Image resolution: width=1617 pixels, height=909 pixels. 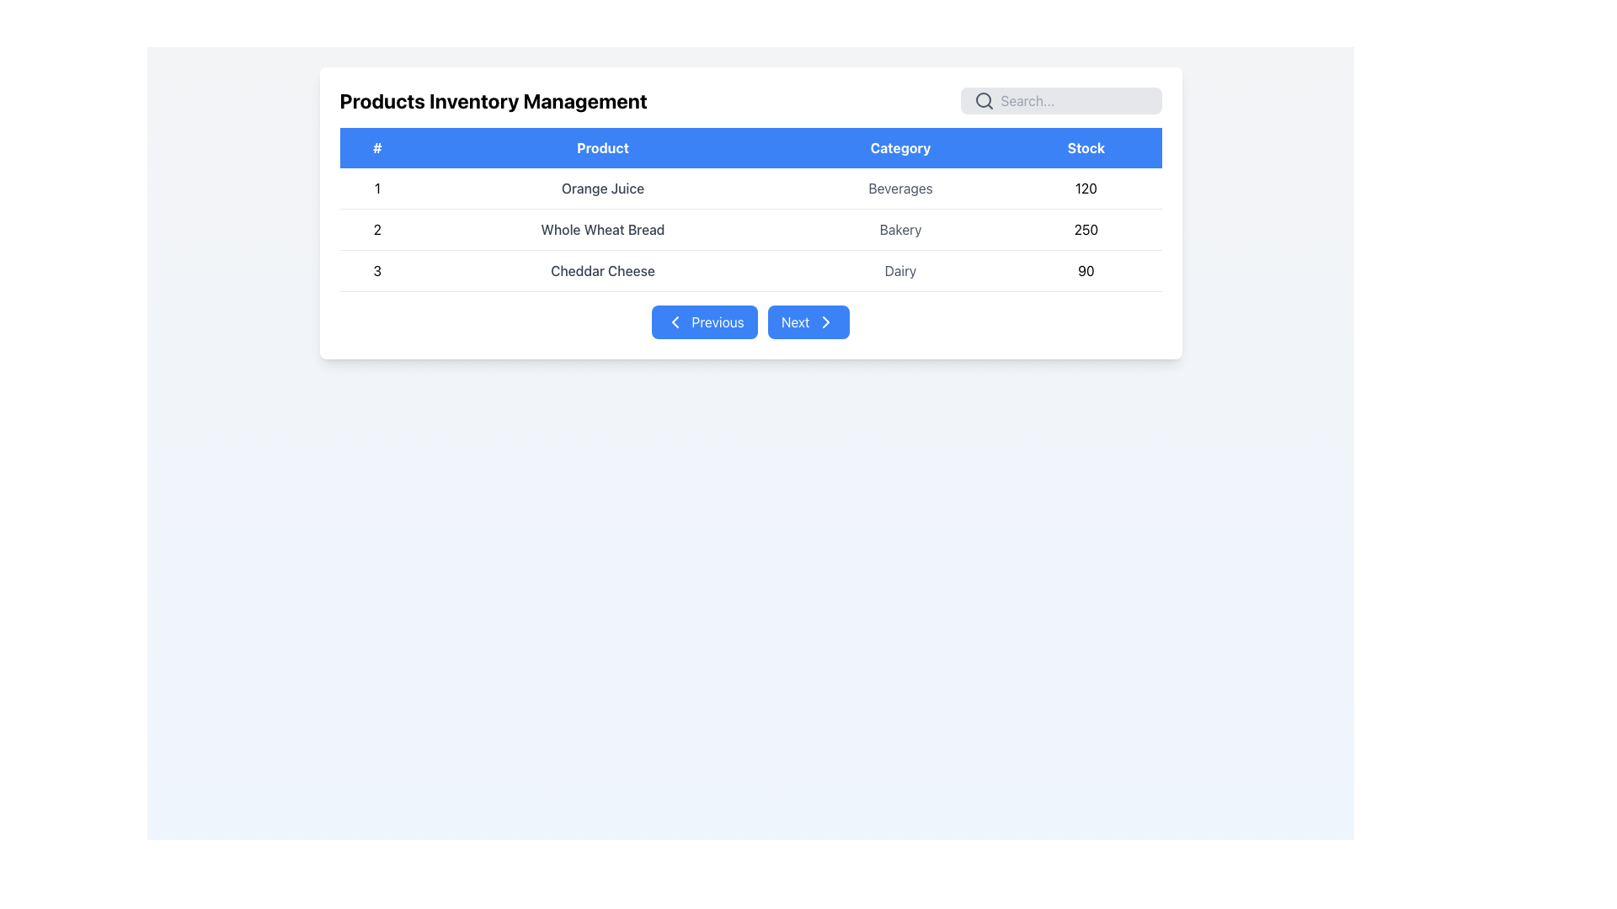 I want to click on the Table Row displaying information about 'Cheddar Cheese' in the 'Products Inventory Management' section, so click(x=750, y=269).